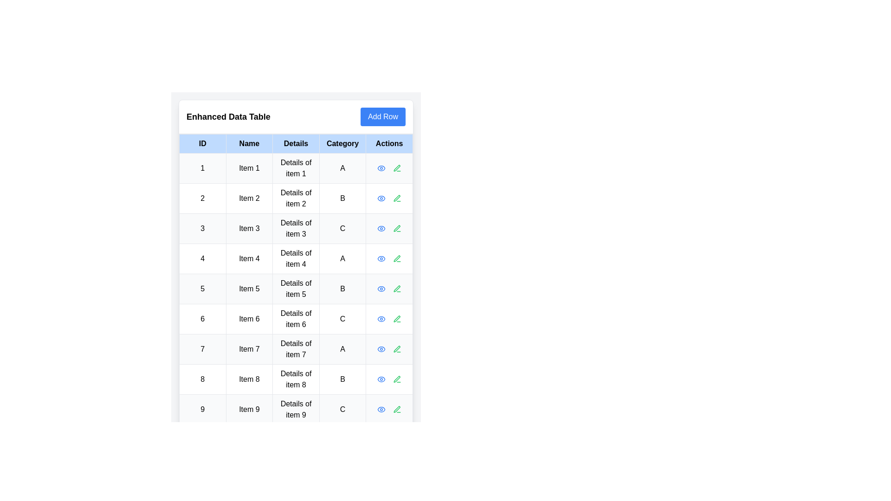 This screenshot has width=891, height=501. I want to click on the blue eye-shaped icon in the 'Actions' column of the seventh row of the data table, which is styled with the 'lucide lucide-eye' class, so click(381, 349).